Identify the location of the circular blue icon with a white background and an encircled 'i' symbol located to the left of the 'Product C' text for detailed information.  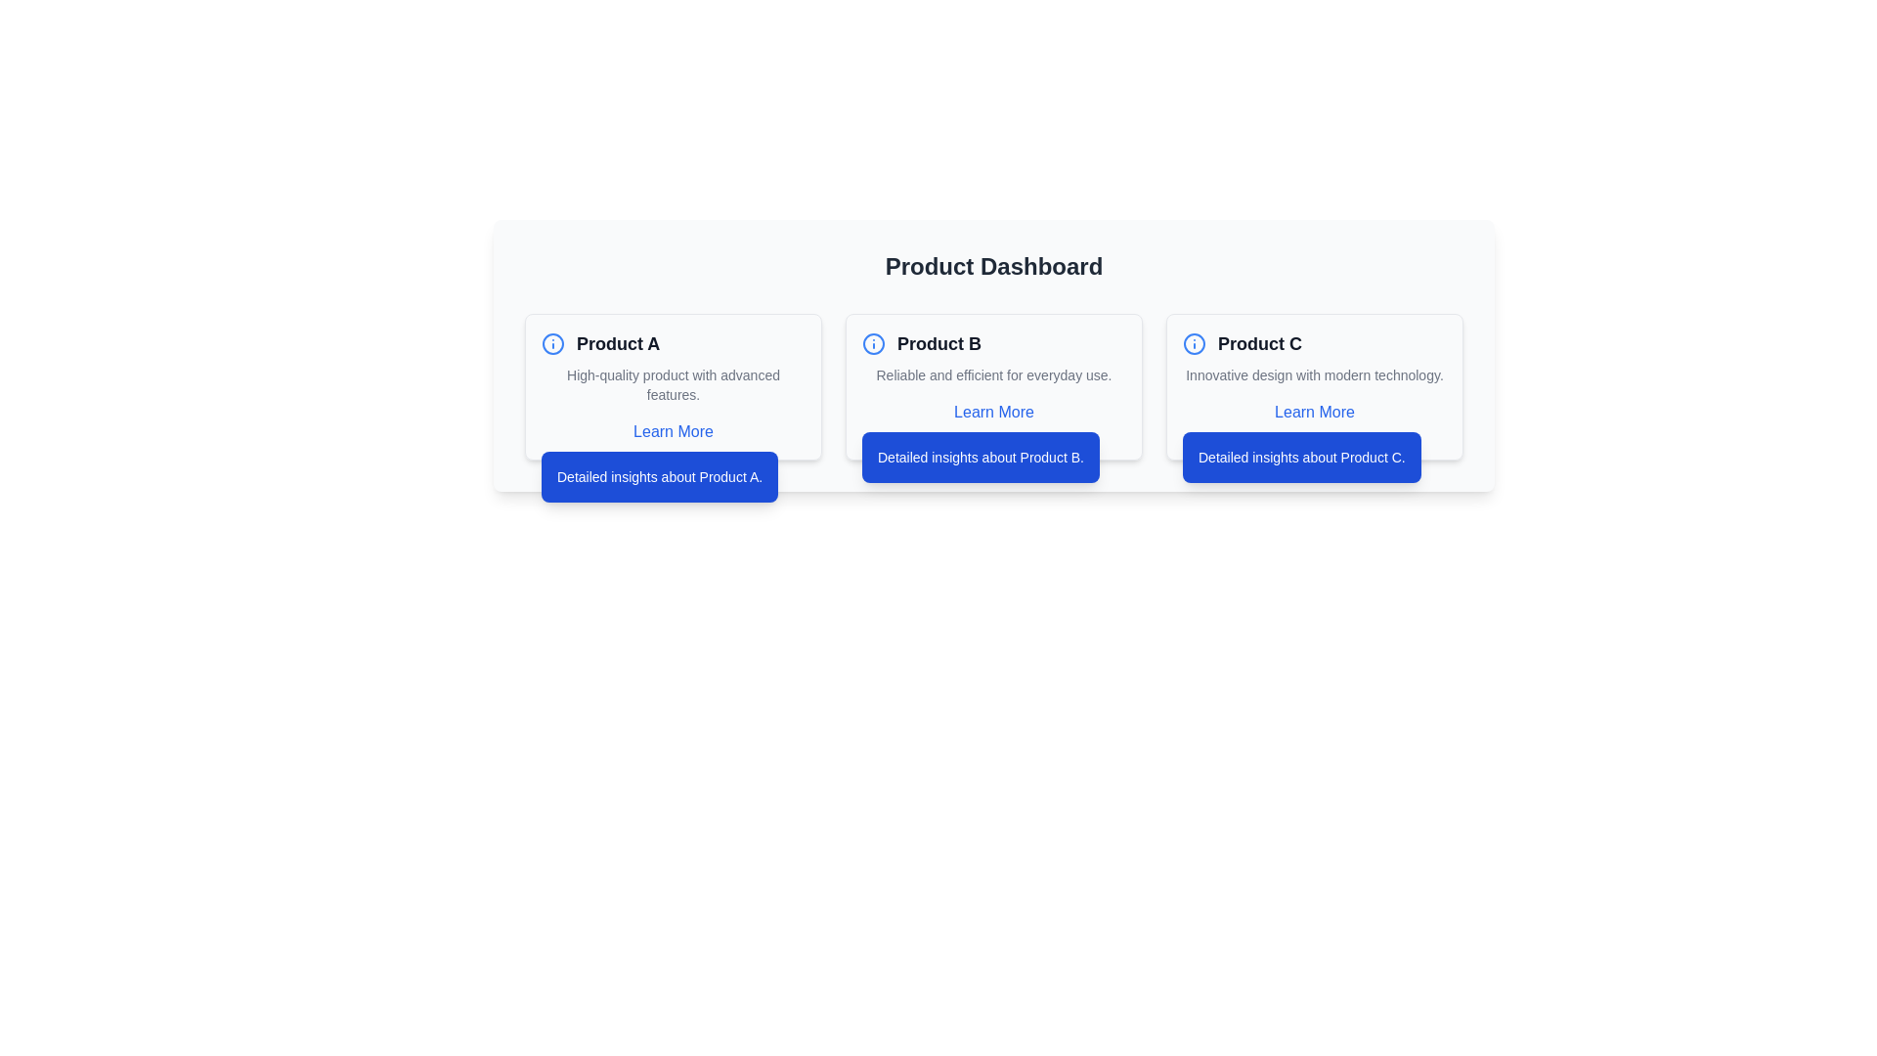
(1194, 342).